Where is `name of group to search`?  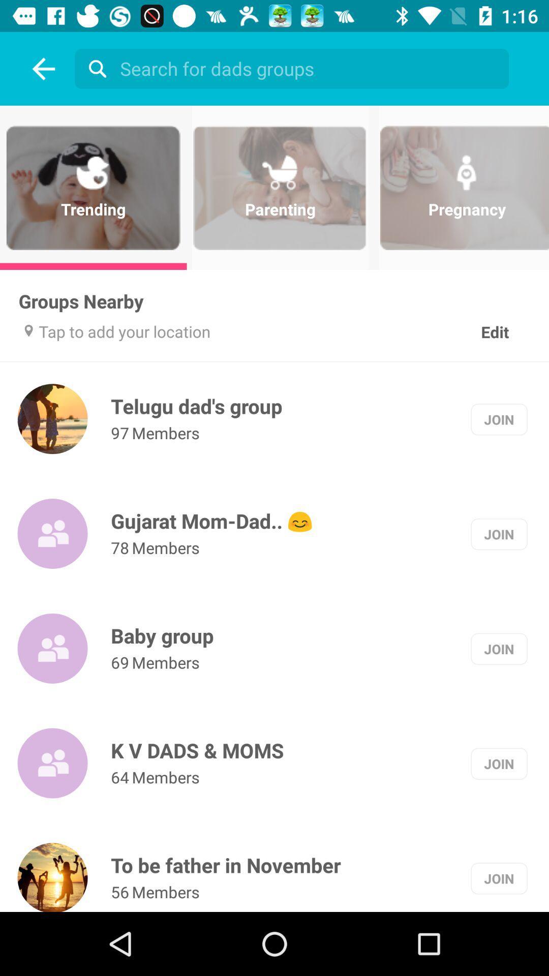
name of group to search is located at coordinates (294, 68).